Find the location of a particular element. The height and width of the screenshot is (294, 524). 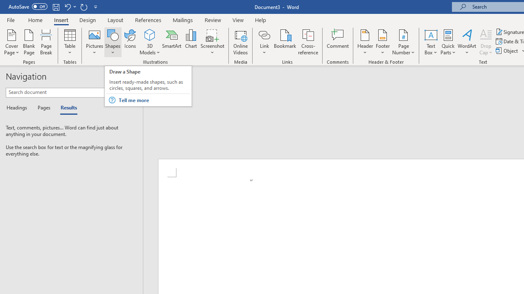

'SmartArt...' is located at coordinates (171, 42).